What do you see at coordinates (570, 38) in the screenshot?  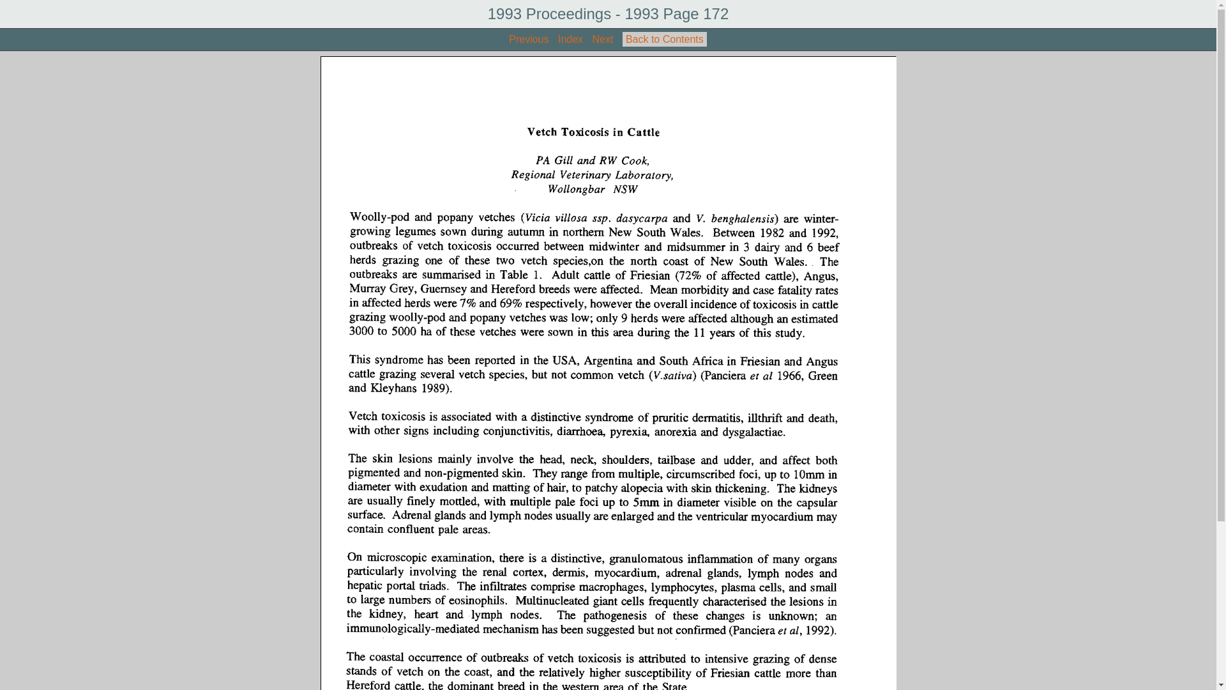 I see `'Index'` at bounding box center [570, 38].